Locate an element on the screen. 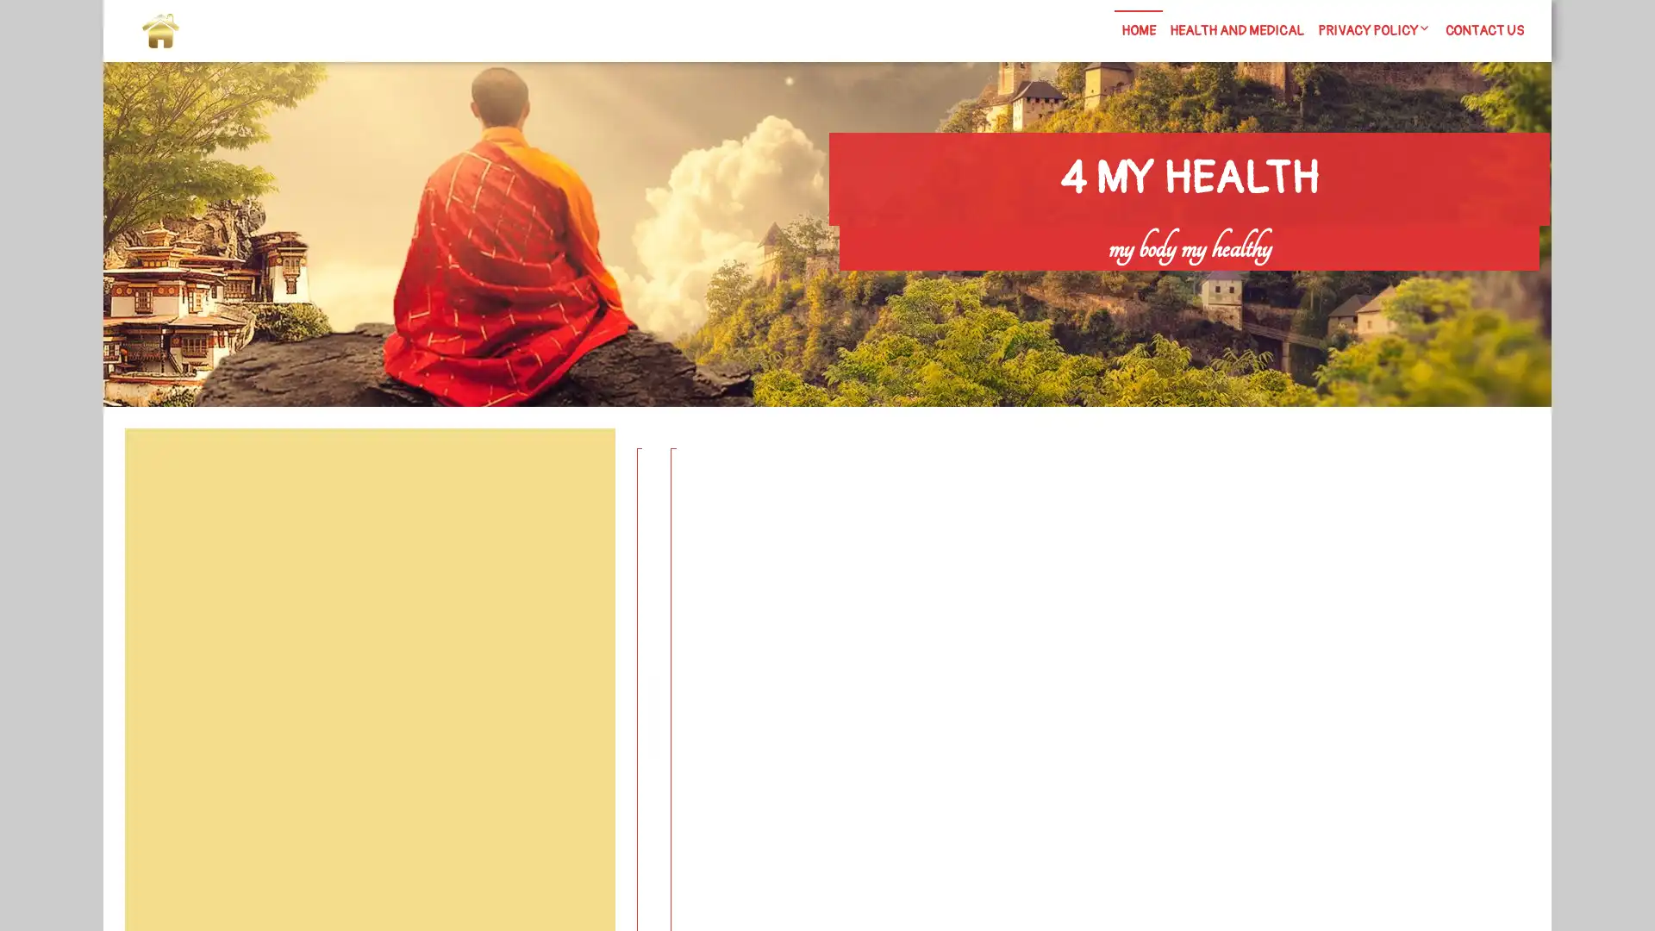  Search is located at coordinates (575, 470).